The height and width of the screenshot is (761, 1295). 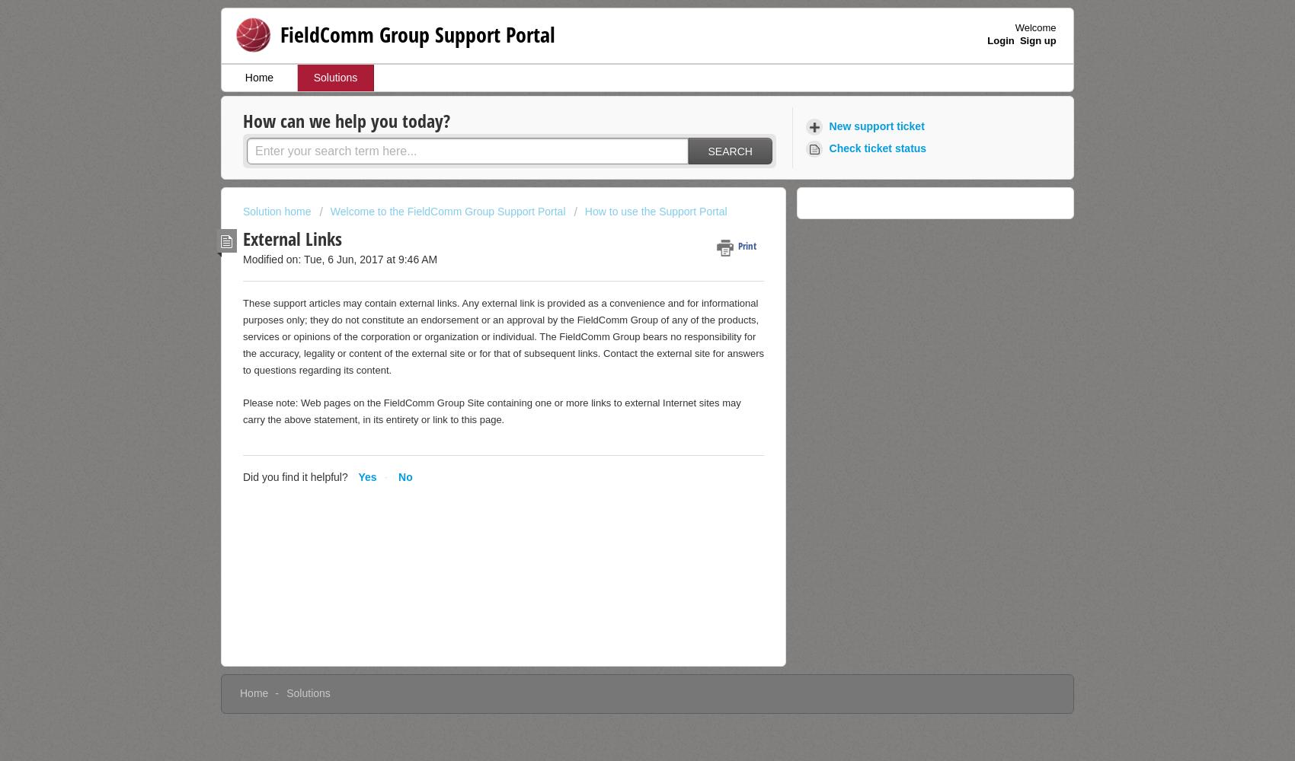 I want to click on 'These support articles may contain external links. Any external link is provided as a convenience and for informational purposes only; they do not constitute an endorsement or an approval by the FieldComm Group of any of the products, services or opinions of the corporation or organization or individual. The FieldComm Group bears no responsibility for the accuracy, legality or content of the external site or for that of subsequent links. Contact the external site for answers to questions regarding its content.', so click(x=503, y=336).